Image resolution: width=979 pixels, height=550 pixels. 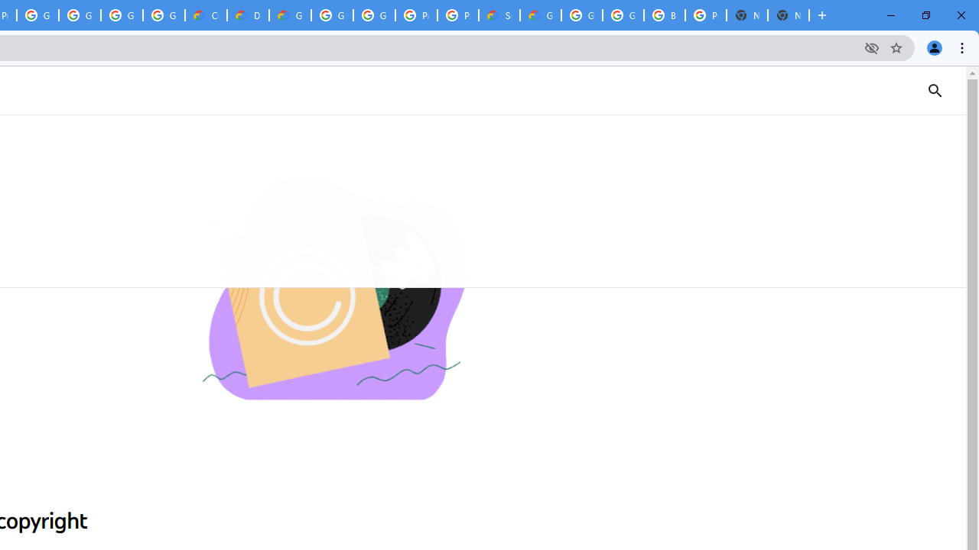 I want to click on 'Support Hub | Google Cloud', so click(x=499, y=15).